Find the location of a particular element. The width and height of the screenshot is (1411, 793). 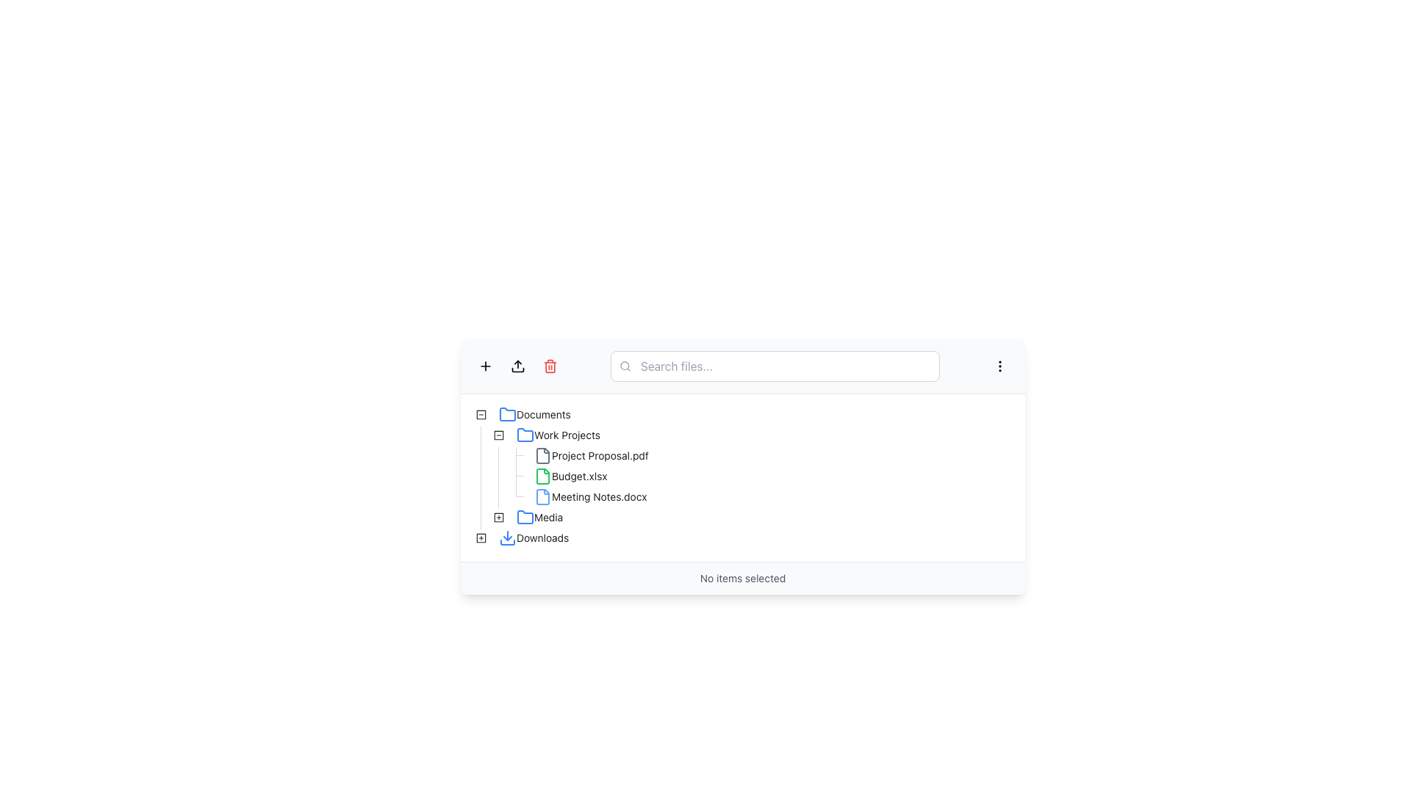

the icon associated with the PDF document 'Project Proposal.pdf' located inside the 'Work Projects' folder is located at coordinates (542, 455).